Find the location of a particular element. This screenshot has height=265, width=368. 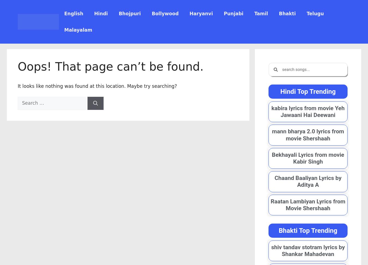

'Chaand Baaliyan Lyrics by Aditya A' is located at coordinates (307, 181).